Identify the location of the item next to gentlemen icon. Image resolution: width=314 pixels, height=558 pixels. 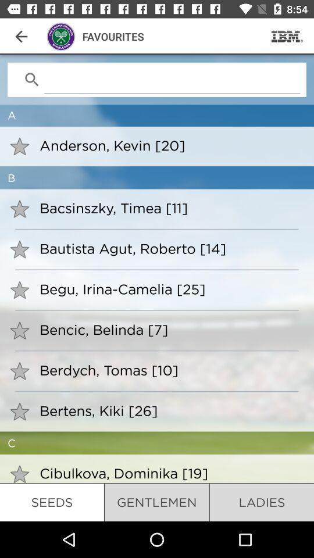
(262, 502).